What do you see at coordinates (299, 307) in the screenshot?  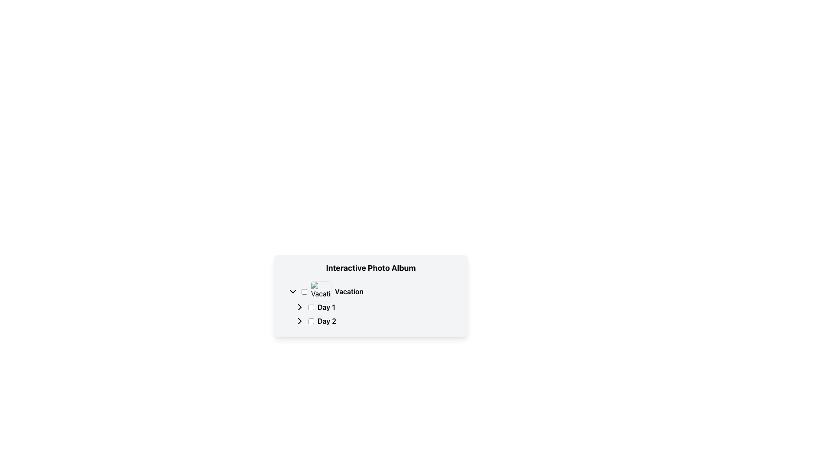 I see `the small right arrow icon resembling a chevron pointing to the right, which is located adjacent to the checkbox and label for 'Day 1' in the tree view` at bounding box center [299, 307].